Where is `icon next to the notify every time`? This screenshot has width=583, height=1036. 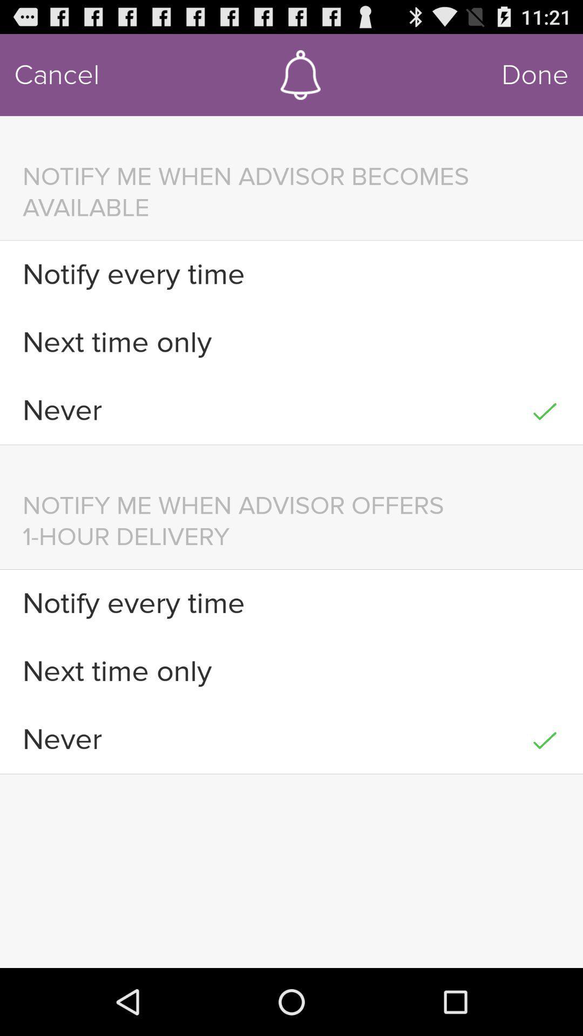 icon next to the notify every time is located at coordinates (545, 603).